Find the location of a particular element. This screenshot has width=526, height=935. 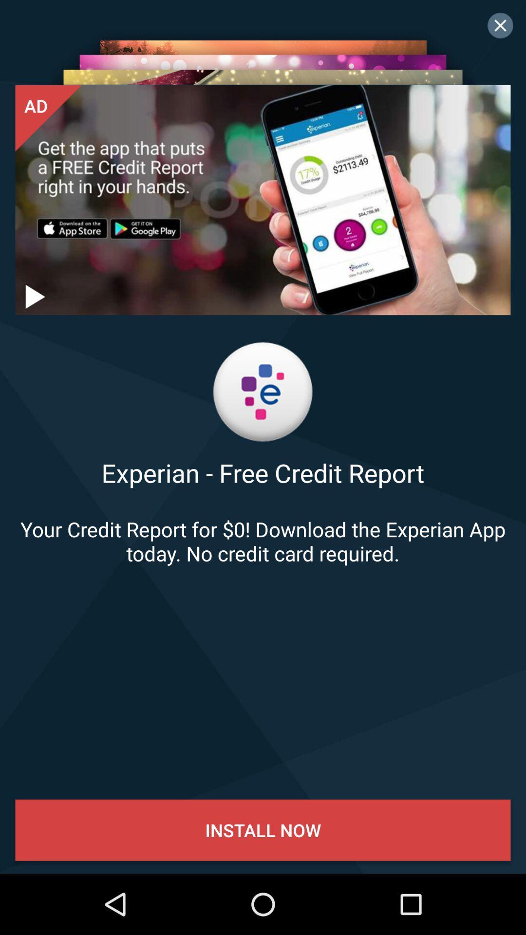

the advertisement page is located at coordinates (500, 25).